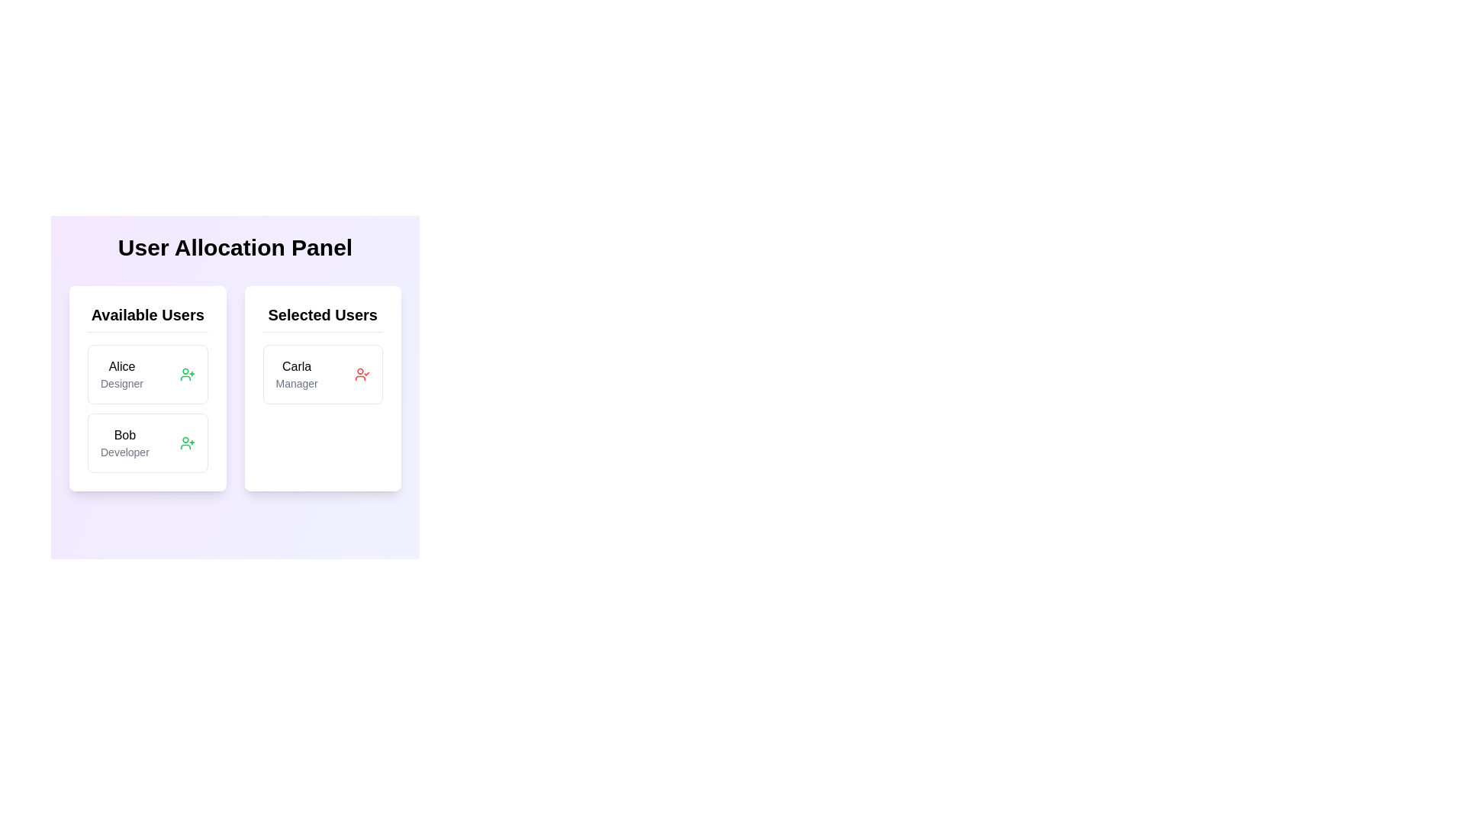  What do you see at coordinates (297, 367) in the screenshot?
I see `label text 'Carla' which is a bold textual label displayed in the first card under the 'Selected Users' section` at bounding box center [297, 367].